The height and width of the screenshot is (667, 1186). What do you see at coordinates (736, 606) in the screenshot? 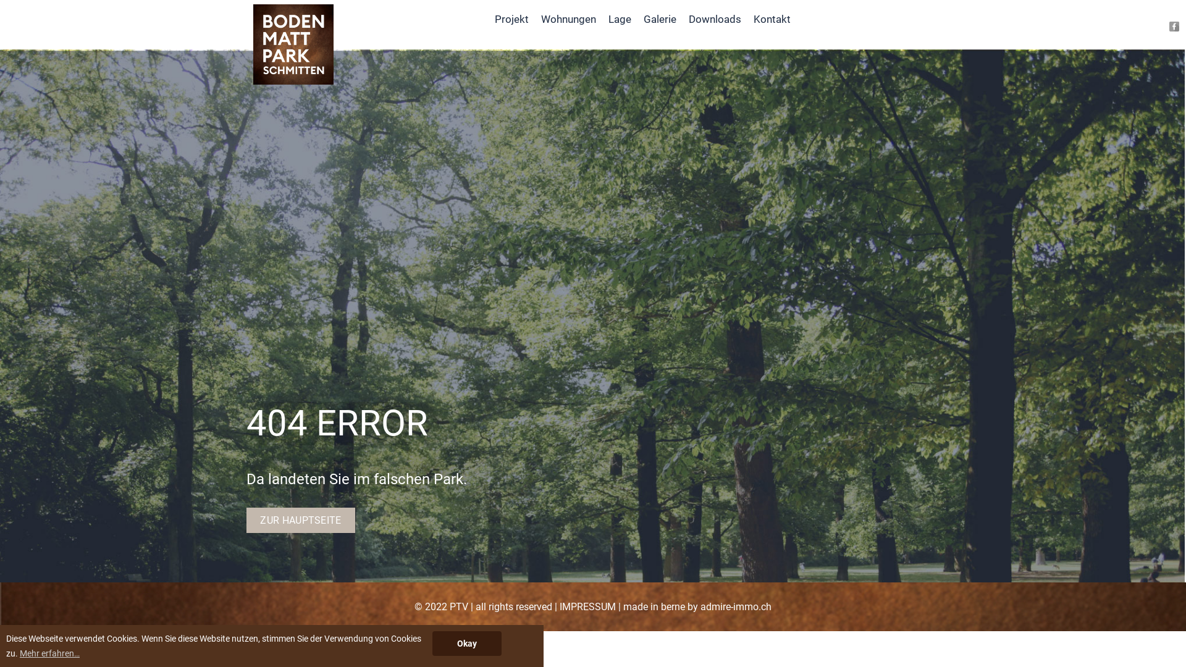
I see `'admire-immo.ch'` at bounding box center [736, 606].